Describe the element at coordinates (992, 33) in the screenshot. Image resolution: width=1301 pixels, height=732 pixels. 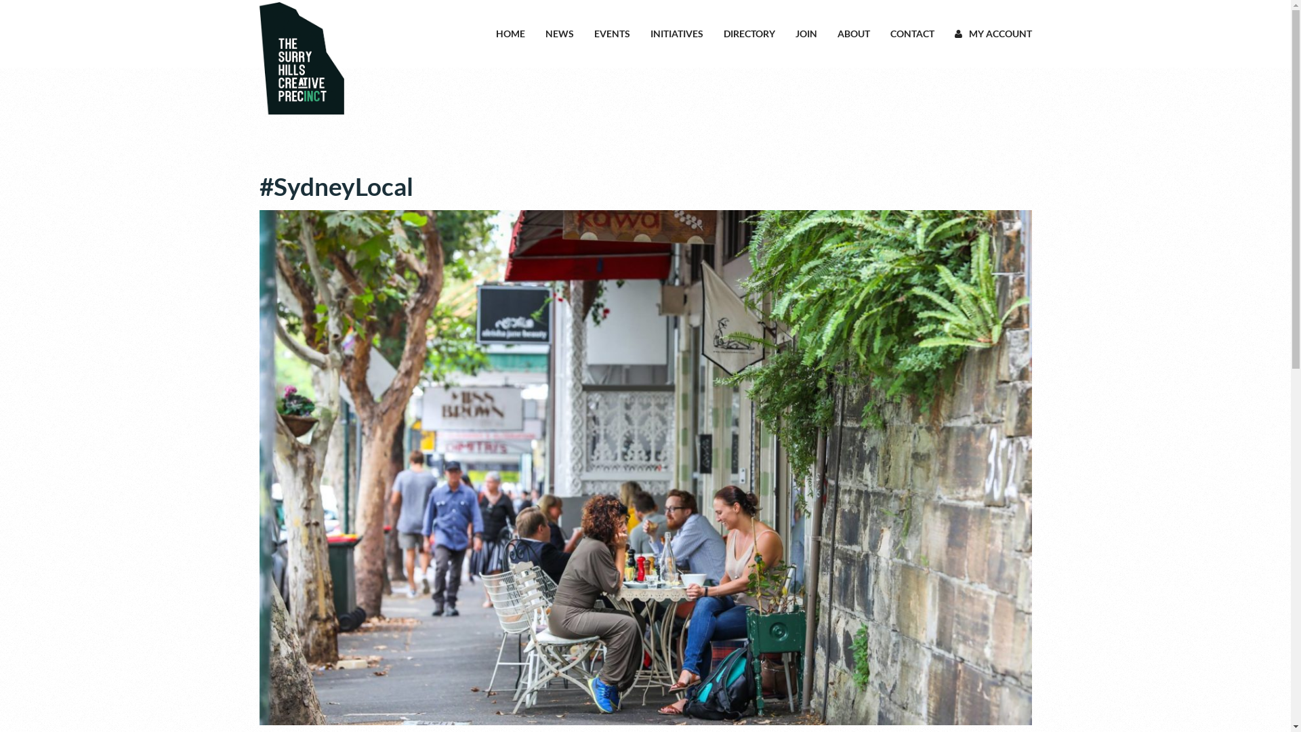
I see `'MY ACCOUNT'` at that location.